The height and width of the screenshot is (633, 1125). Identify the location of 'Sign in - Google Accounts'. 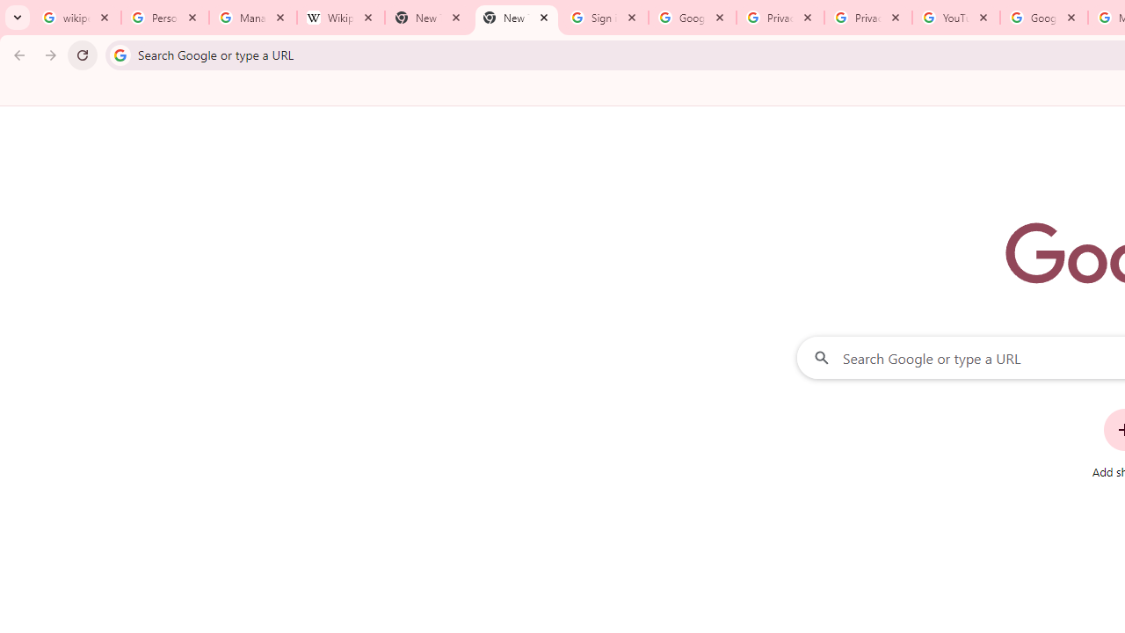
(605, 18).